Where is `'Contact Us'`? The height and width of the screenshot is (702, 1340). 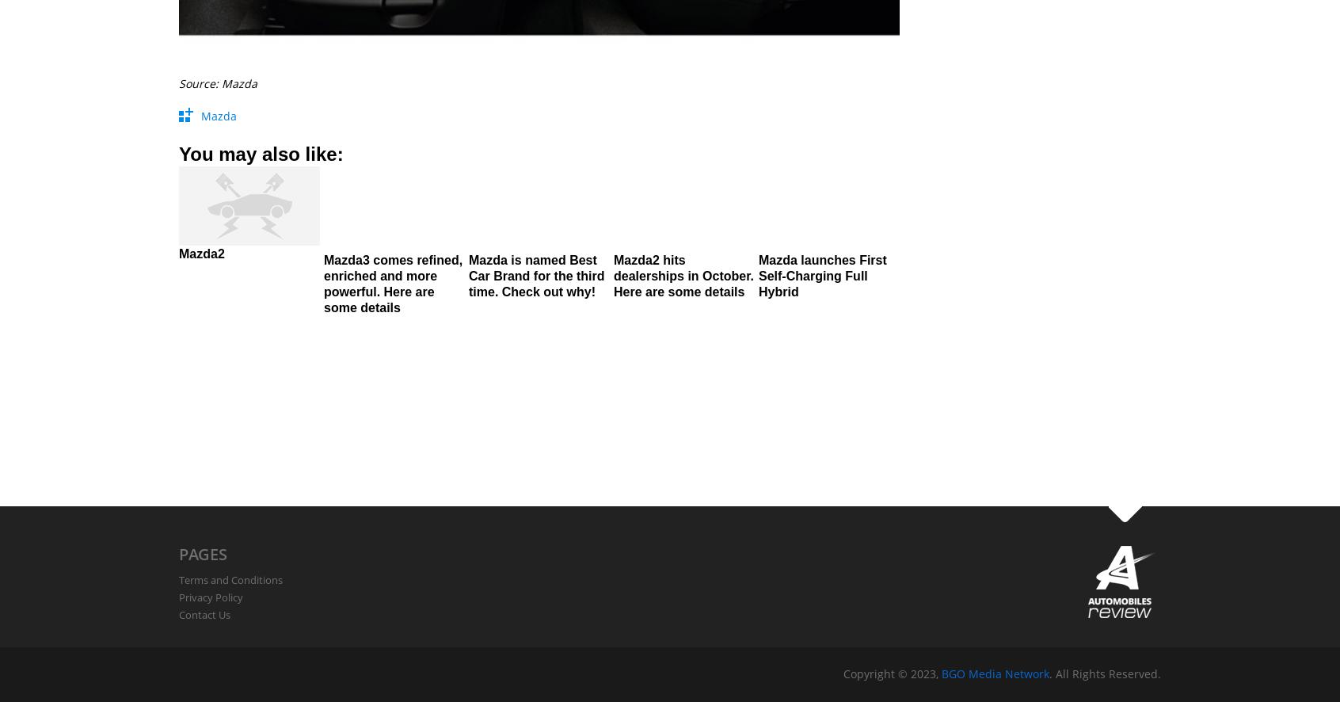 'Contact Us' is located at coordinates (204, 612).